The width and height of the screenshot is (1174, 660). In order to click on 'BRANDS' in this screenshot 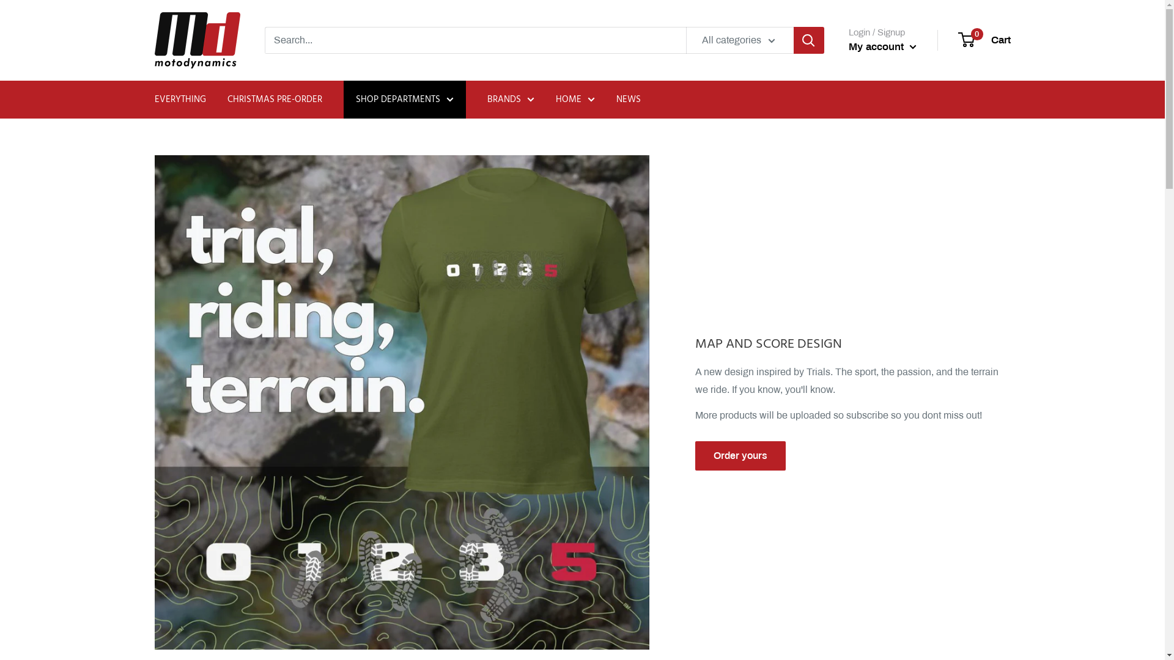, I will do `click(510, 98)`.